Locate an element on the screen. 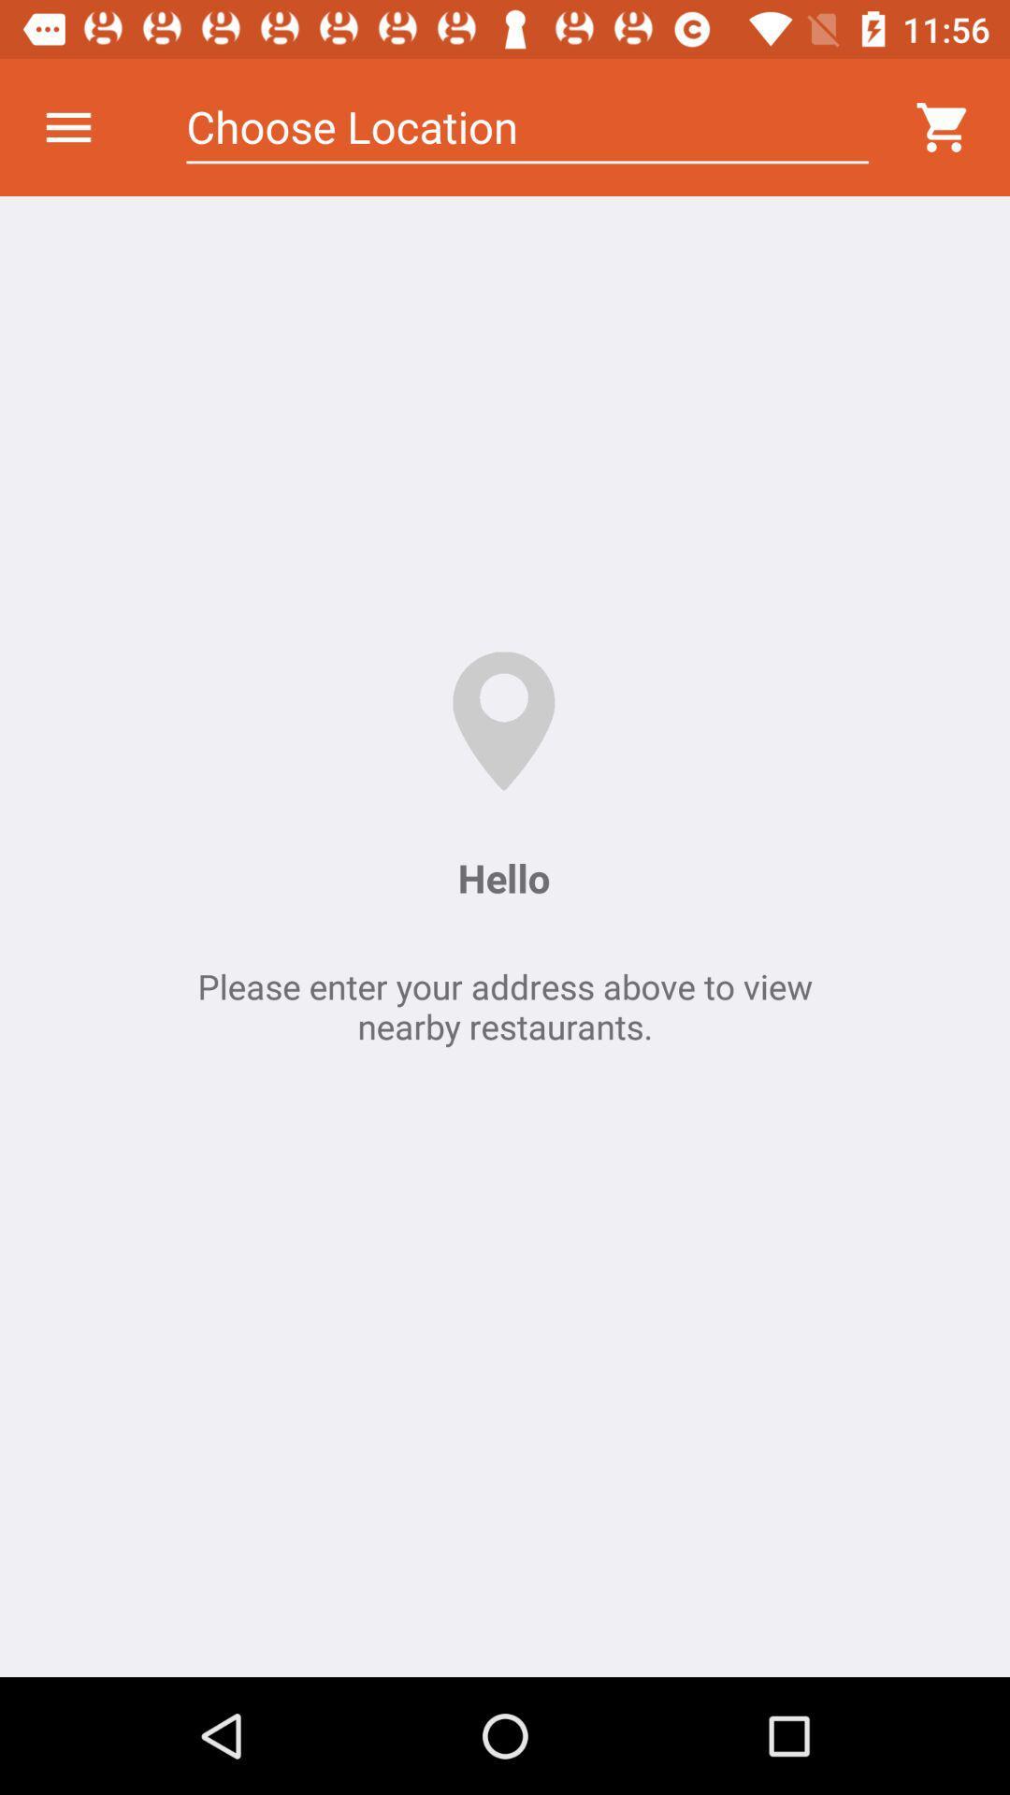 The width and height of the screenshot is (1010, 1795). the icon above the hello item is located at coordinates (527, 126).